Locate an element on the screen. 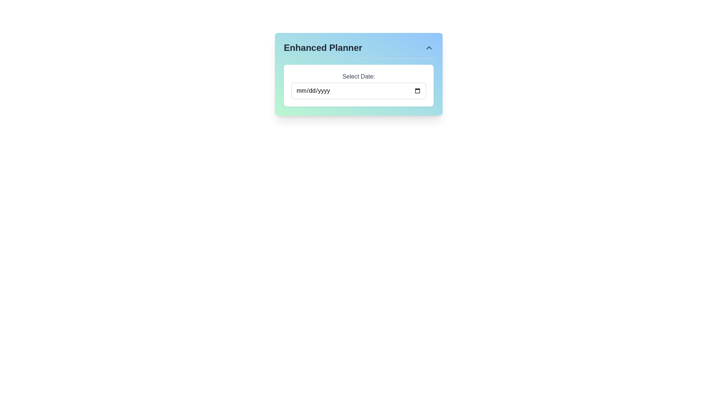 The width and height of the screenshot is (719, 404). the button or icon located directly to the right of 'Enhanced Planner' in the header section is located at coordinates (429, 48).